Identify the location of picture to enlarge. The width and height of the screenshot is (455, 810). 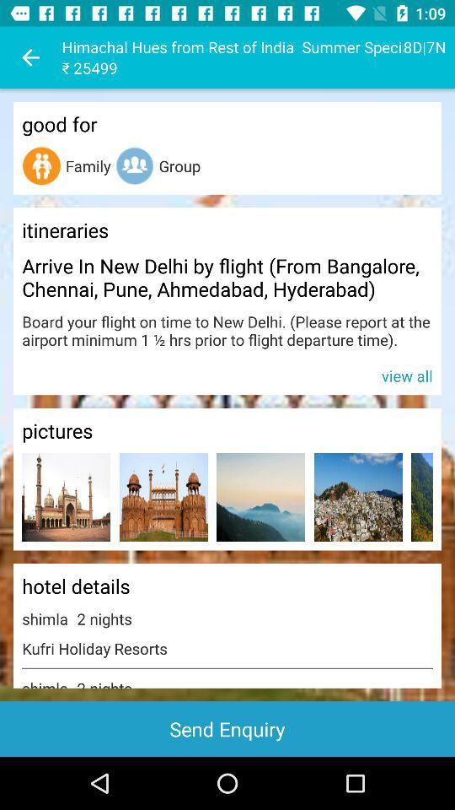
(421, 497).